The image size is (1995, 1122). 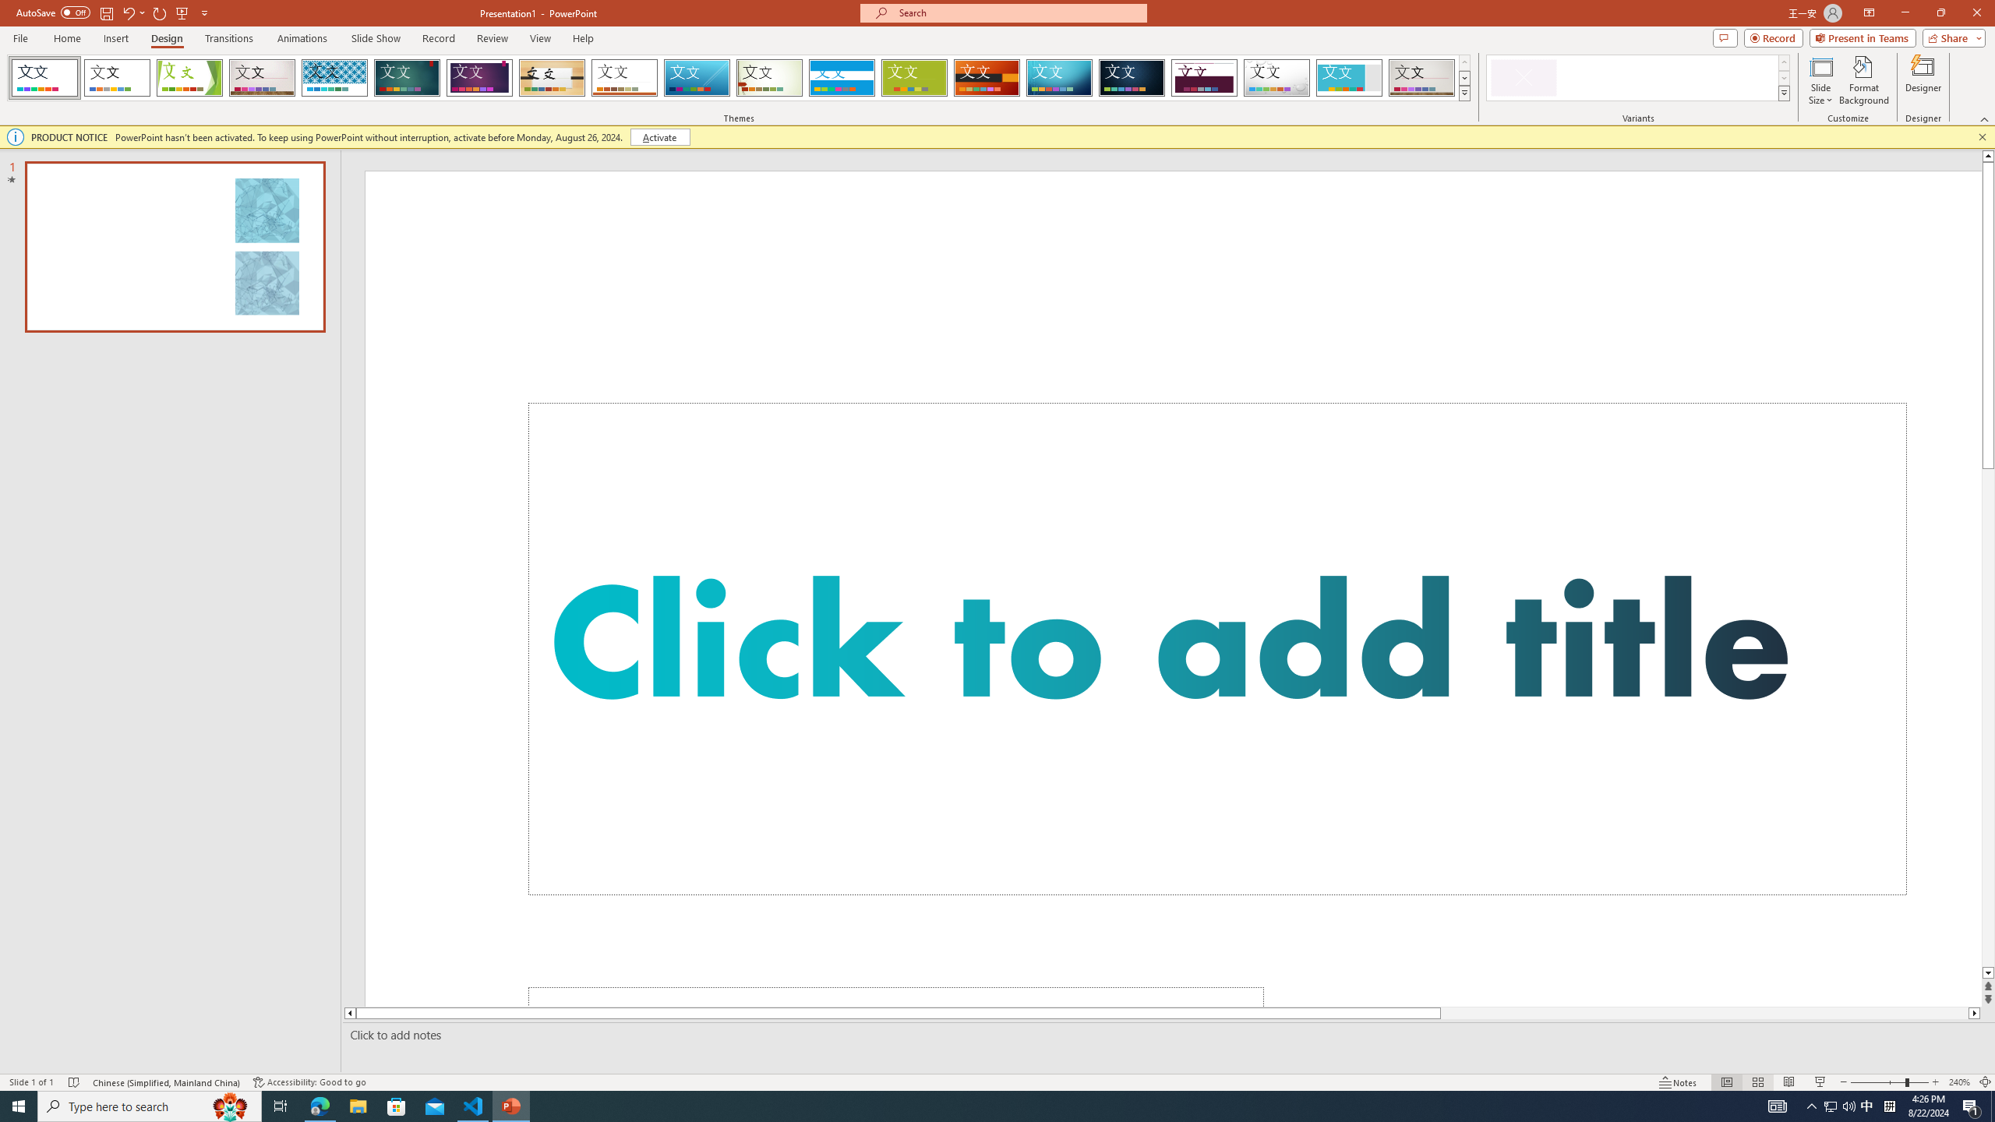 What do you see at coordinates (1725, 37) in the screenshot?
I see `'Comments'` at bounding box center [1725, 37].